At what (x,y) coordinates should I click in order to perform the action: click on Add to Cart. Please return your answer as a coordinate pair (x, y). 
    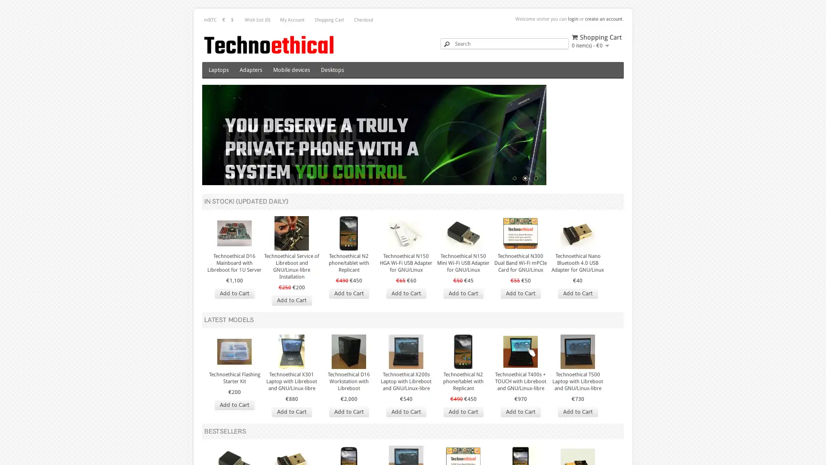
    Looking at the image, I should click on (520, 440).